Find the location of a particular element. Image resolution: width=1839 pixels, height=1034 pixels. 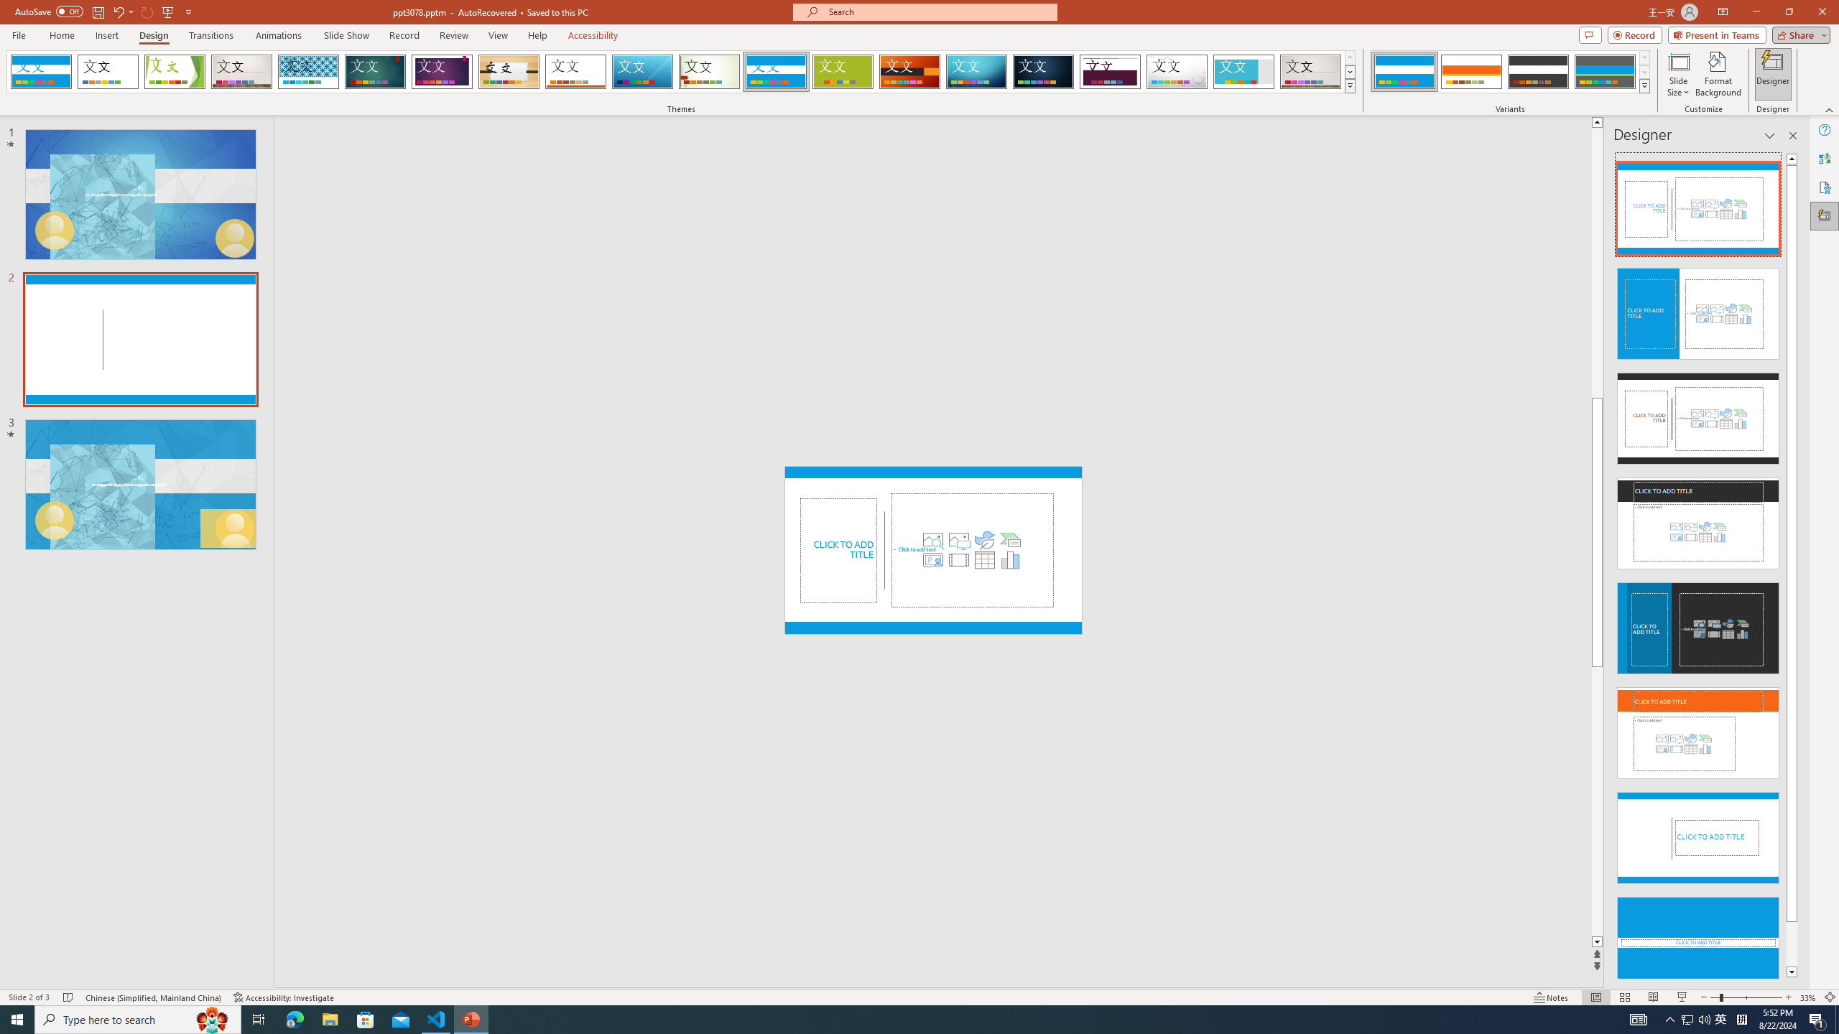

'Ion Boardroom' is located at coordinates (442, 71).